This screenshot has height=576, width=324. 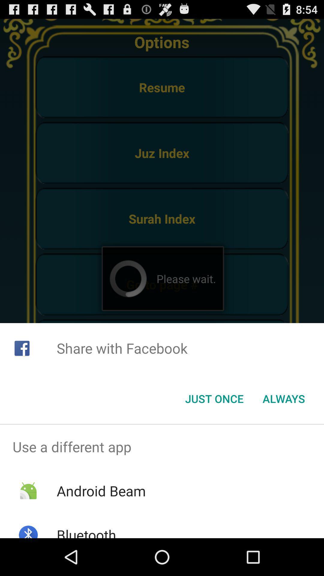 I want to click on the app below android beam item, so click(x=86, y=532).